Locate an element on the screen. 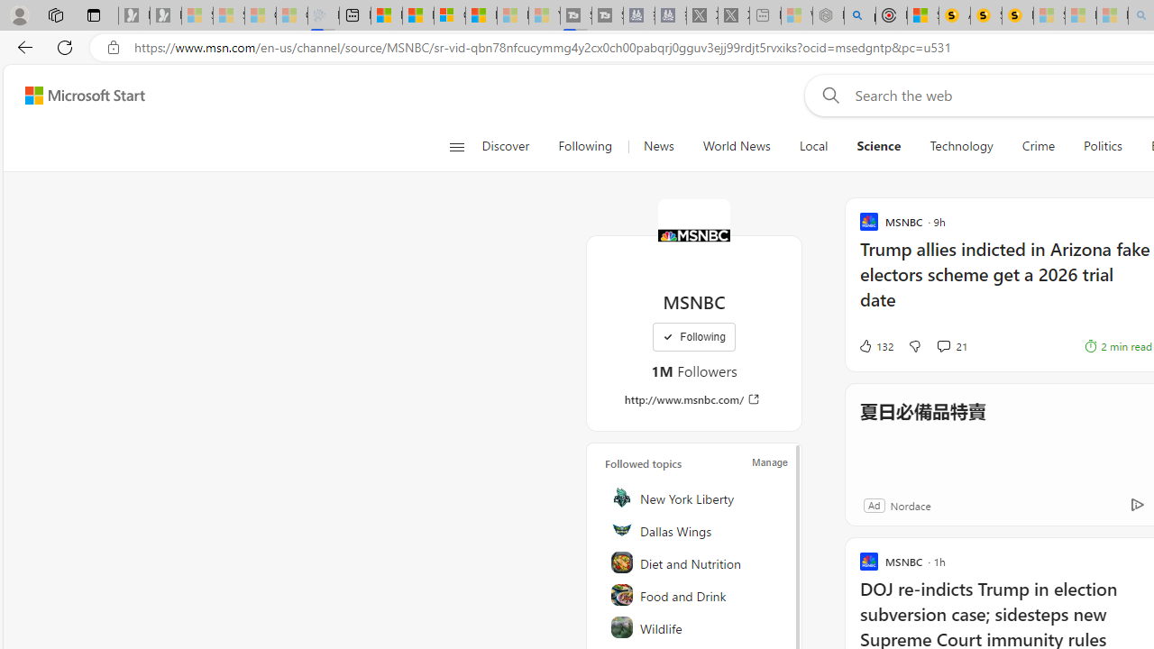 The width and height of the screenshot is (1154, 649). 'poe - Search' is located at coordinates (859, 15).